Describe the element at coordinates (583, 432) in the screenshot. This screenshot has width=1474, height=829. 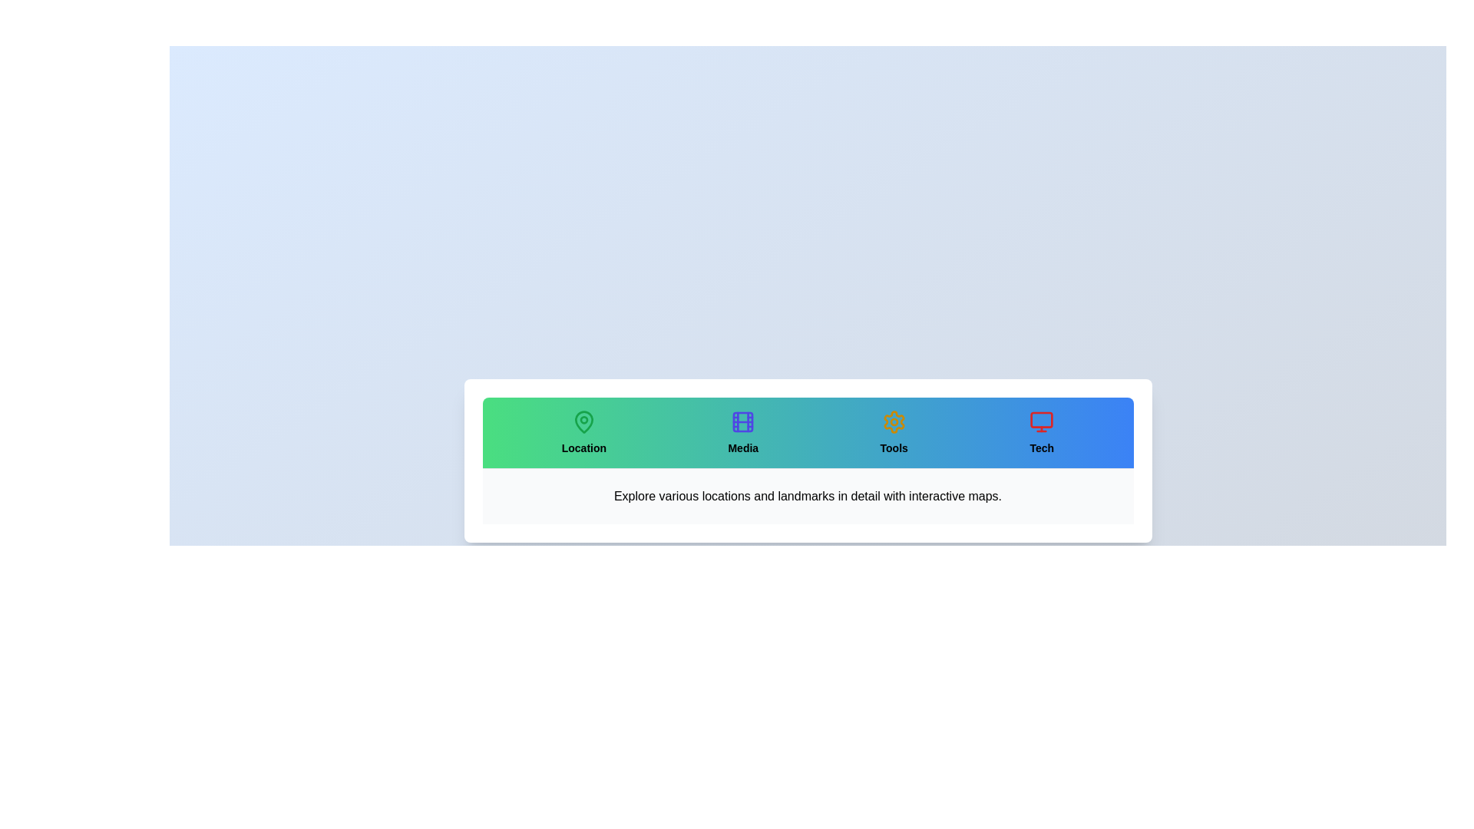
I see `the tab labeled Location` at that location.